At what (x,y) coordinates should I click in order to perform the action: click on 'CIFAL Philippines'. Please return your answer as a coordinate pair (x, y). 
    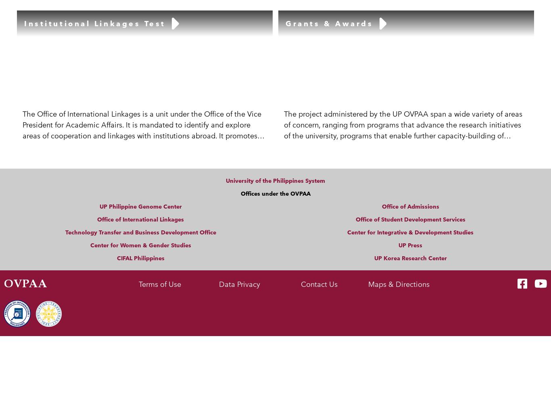
    Looking at the image, I should click on (117, 257).